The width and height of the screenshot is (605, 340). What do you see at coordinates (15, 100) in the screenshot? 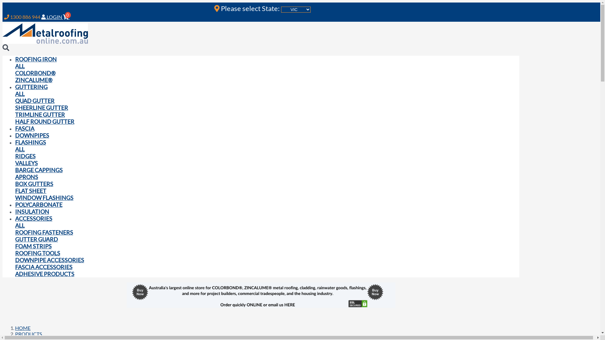
I see `'QUAD GUTTER'` at bounding box center [15, 100].